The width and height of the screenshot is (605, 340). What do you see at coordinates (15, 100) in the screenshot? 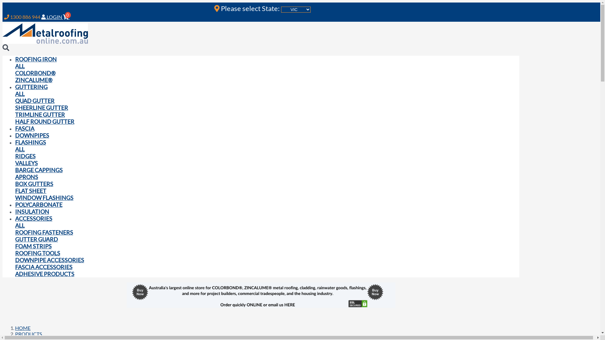
I see `'QUAD GUTTER'` at bounding box center [15, 100].